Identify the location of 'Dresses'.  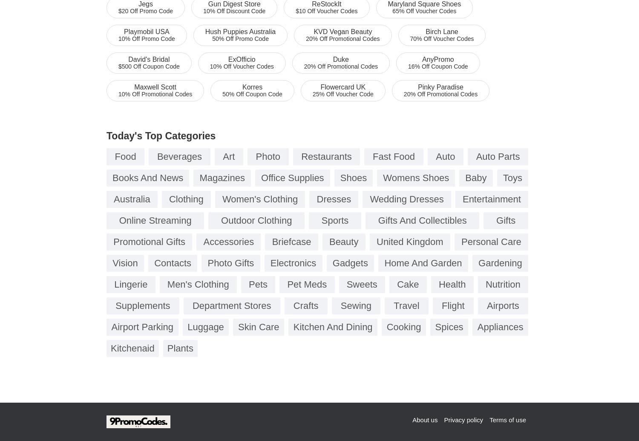
(334, 199).